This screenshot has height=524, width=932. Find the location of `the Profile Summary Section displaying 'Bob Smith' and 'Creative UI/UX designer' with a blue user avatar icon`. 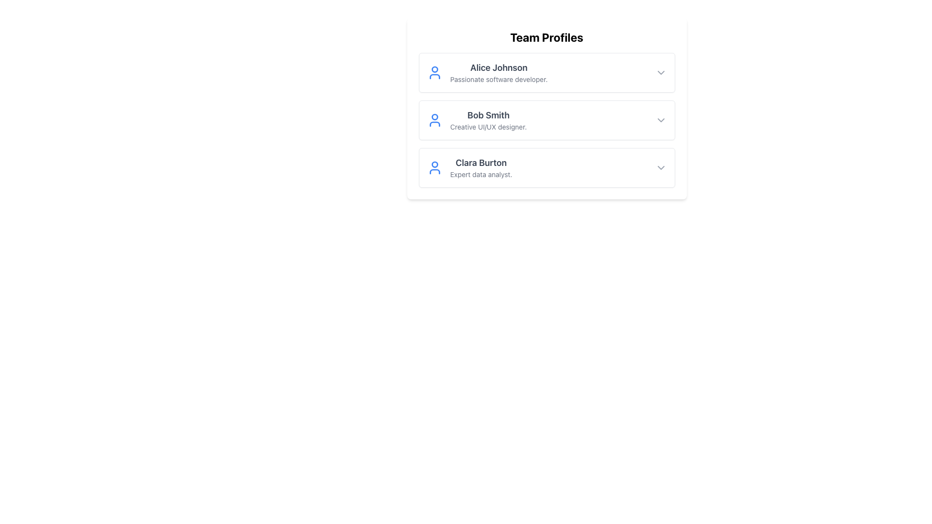

the Profile Summary Section displaying 'Bob Smith' and 'Creative UI/UX designer' with a blue user avatar icon is located at coordinates (477, 119).